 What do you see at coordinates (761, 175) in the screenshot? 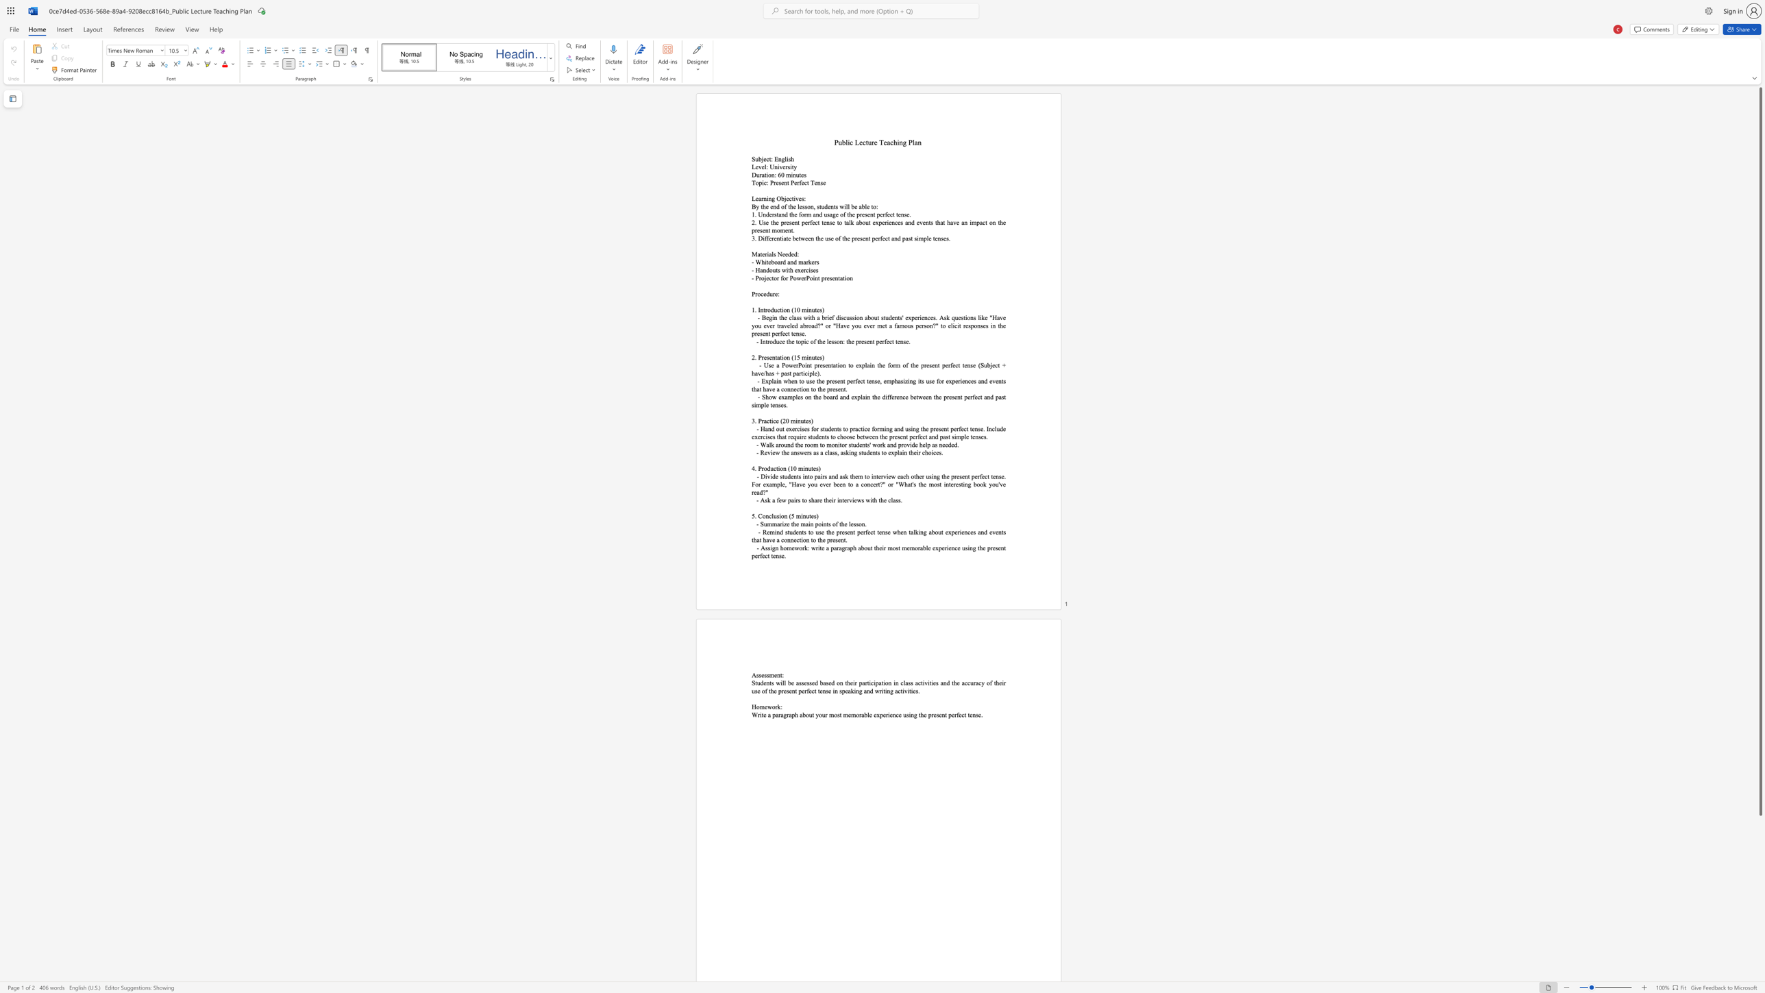
I see `the 1th character "r" in the text` at bounding box center [761, 175].